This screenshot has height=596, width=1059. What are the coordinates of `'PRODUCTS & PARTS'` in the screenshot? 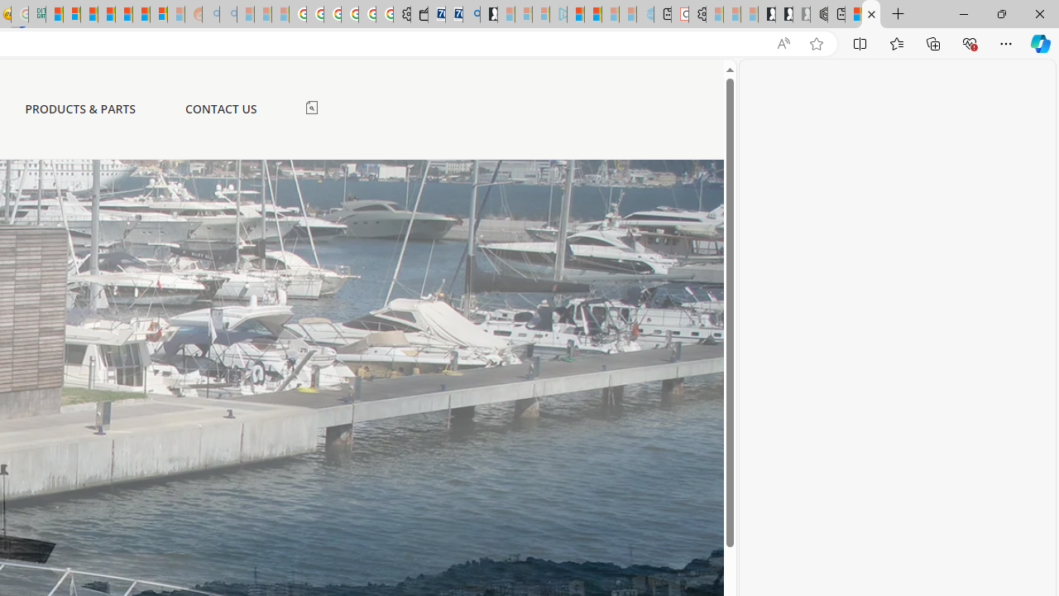 It's located at (79, 109).